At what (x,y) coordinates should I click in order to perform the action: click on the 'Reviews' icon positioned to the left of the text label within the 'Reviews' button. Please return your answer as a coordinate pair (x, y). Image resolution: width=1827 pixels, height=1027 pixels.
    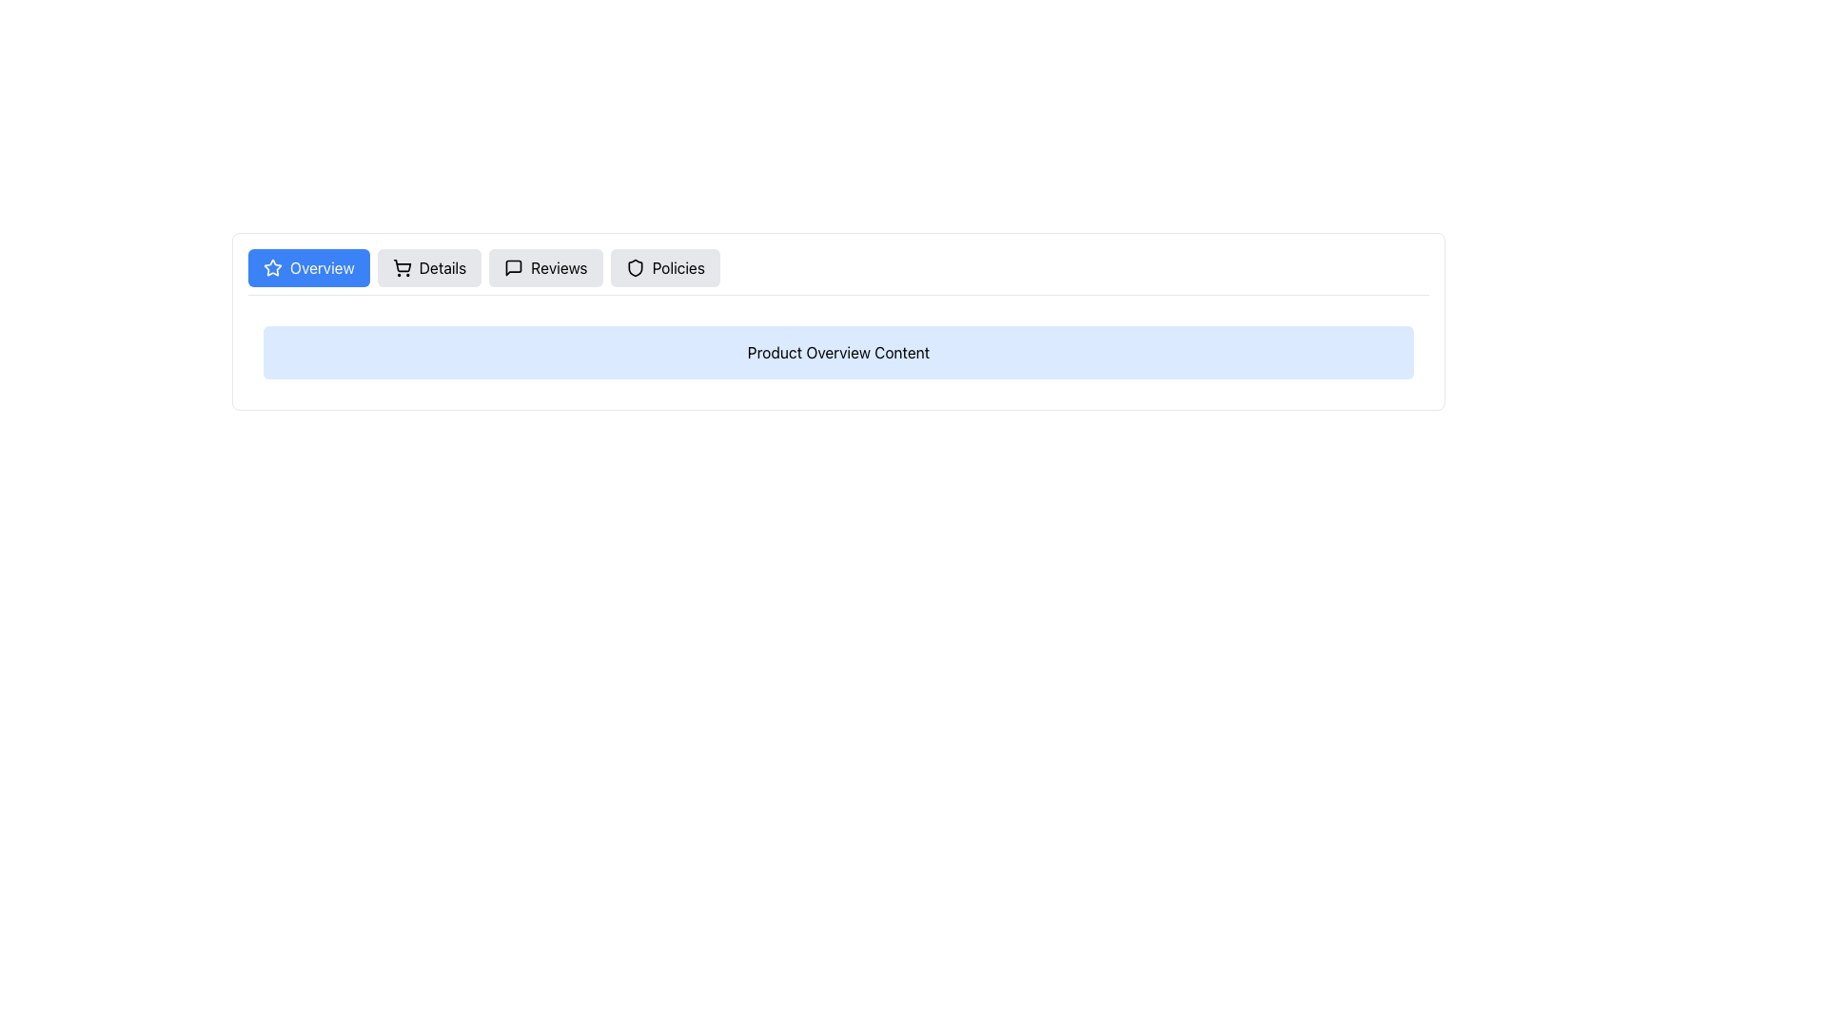
    Looking at the image, I should click on (514, 267).